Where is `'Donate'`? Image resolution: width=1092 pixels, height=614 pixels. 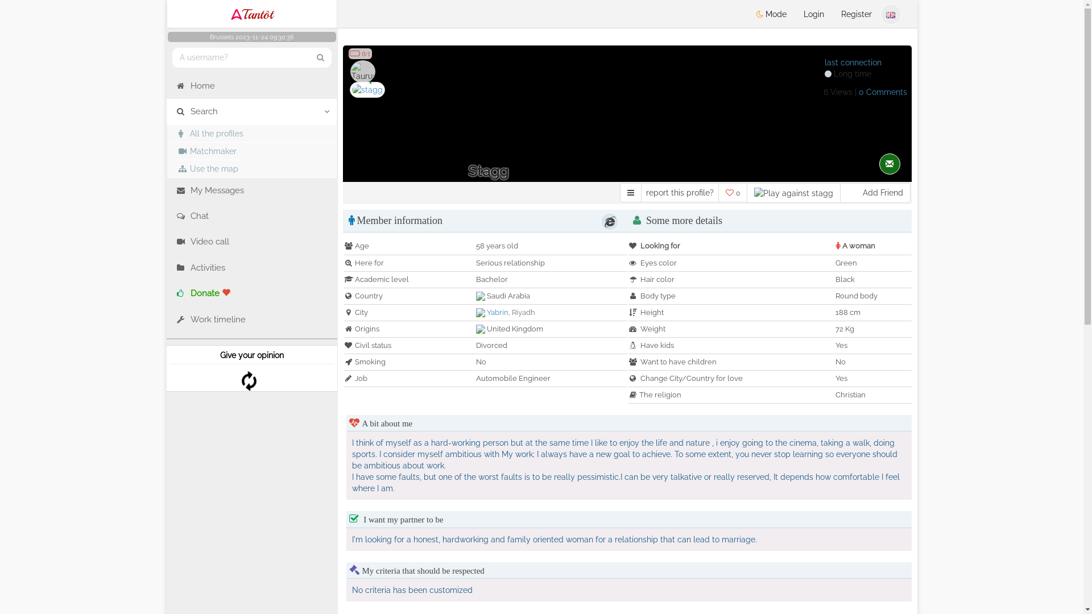 'Donate' is located at coordinates (250, 293).